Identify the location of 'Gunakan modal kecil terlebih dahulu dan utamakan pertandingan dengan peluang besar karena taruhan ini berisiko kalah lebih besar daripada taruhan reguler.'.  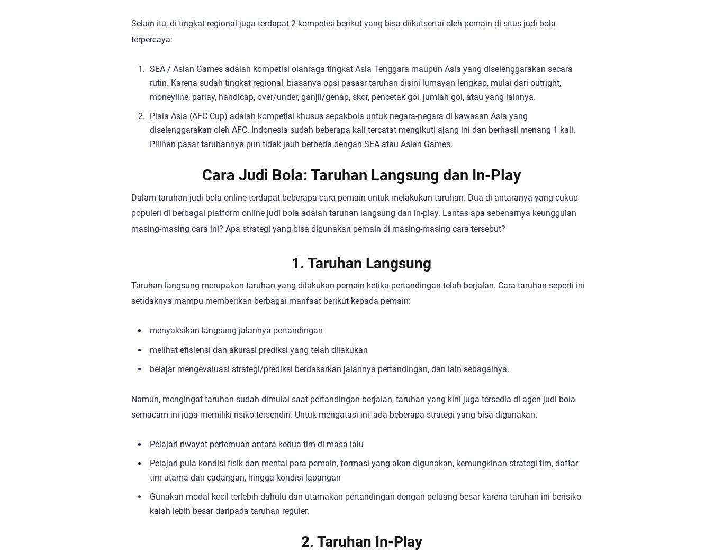
(365, 503).